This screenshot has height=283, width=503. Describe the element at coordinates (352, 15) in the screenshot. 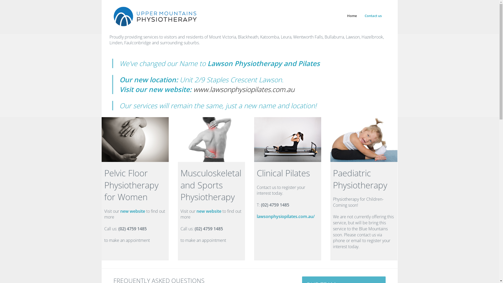

I see `'Home'` at that location.